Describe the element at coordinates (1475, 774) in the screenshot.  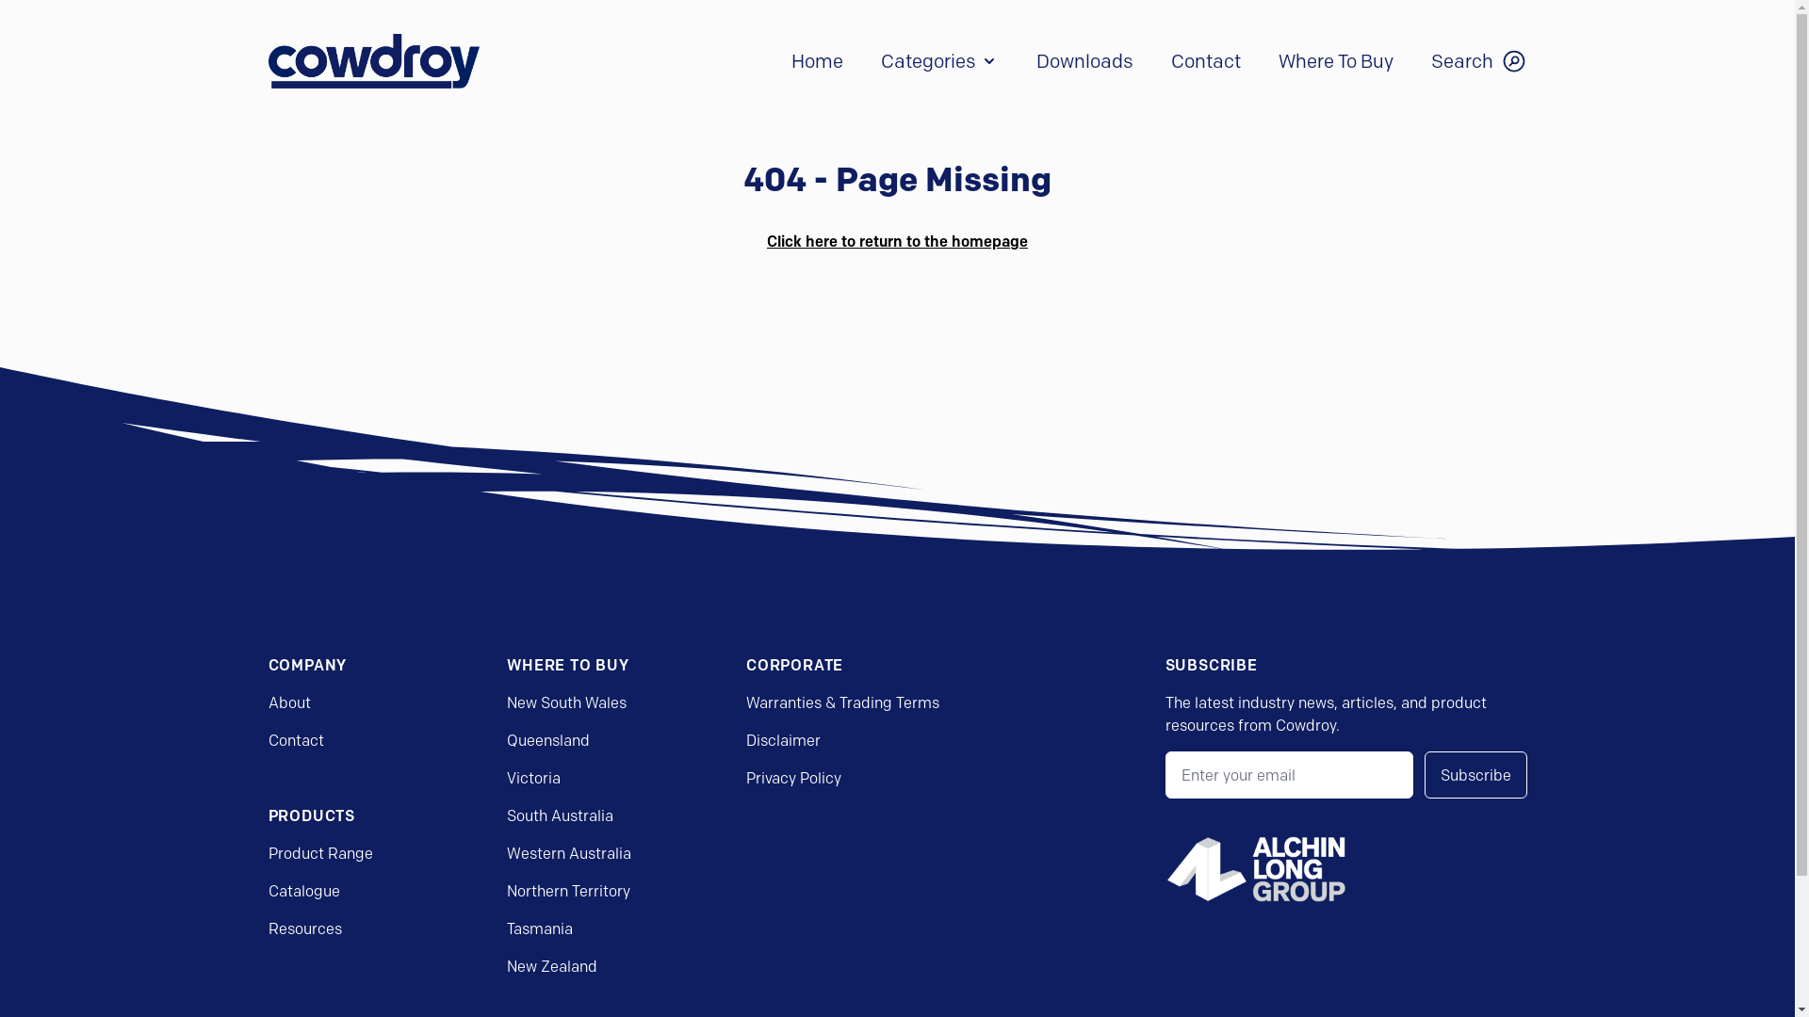
I see `'Subscribe'` at that location.